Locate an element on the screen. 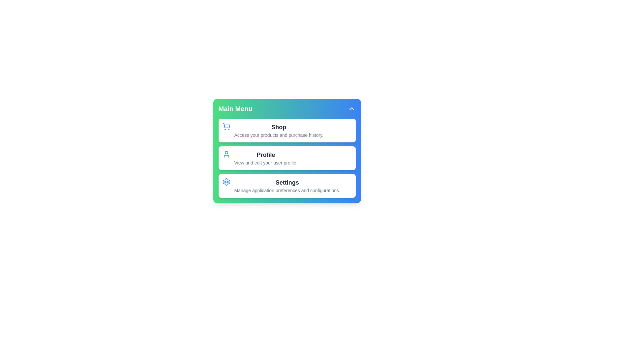  the icon of the menu item Shop is located at coordinates (226, 127).